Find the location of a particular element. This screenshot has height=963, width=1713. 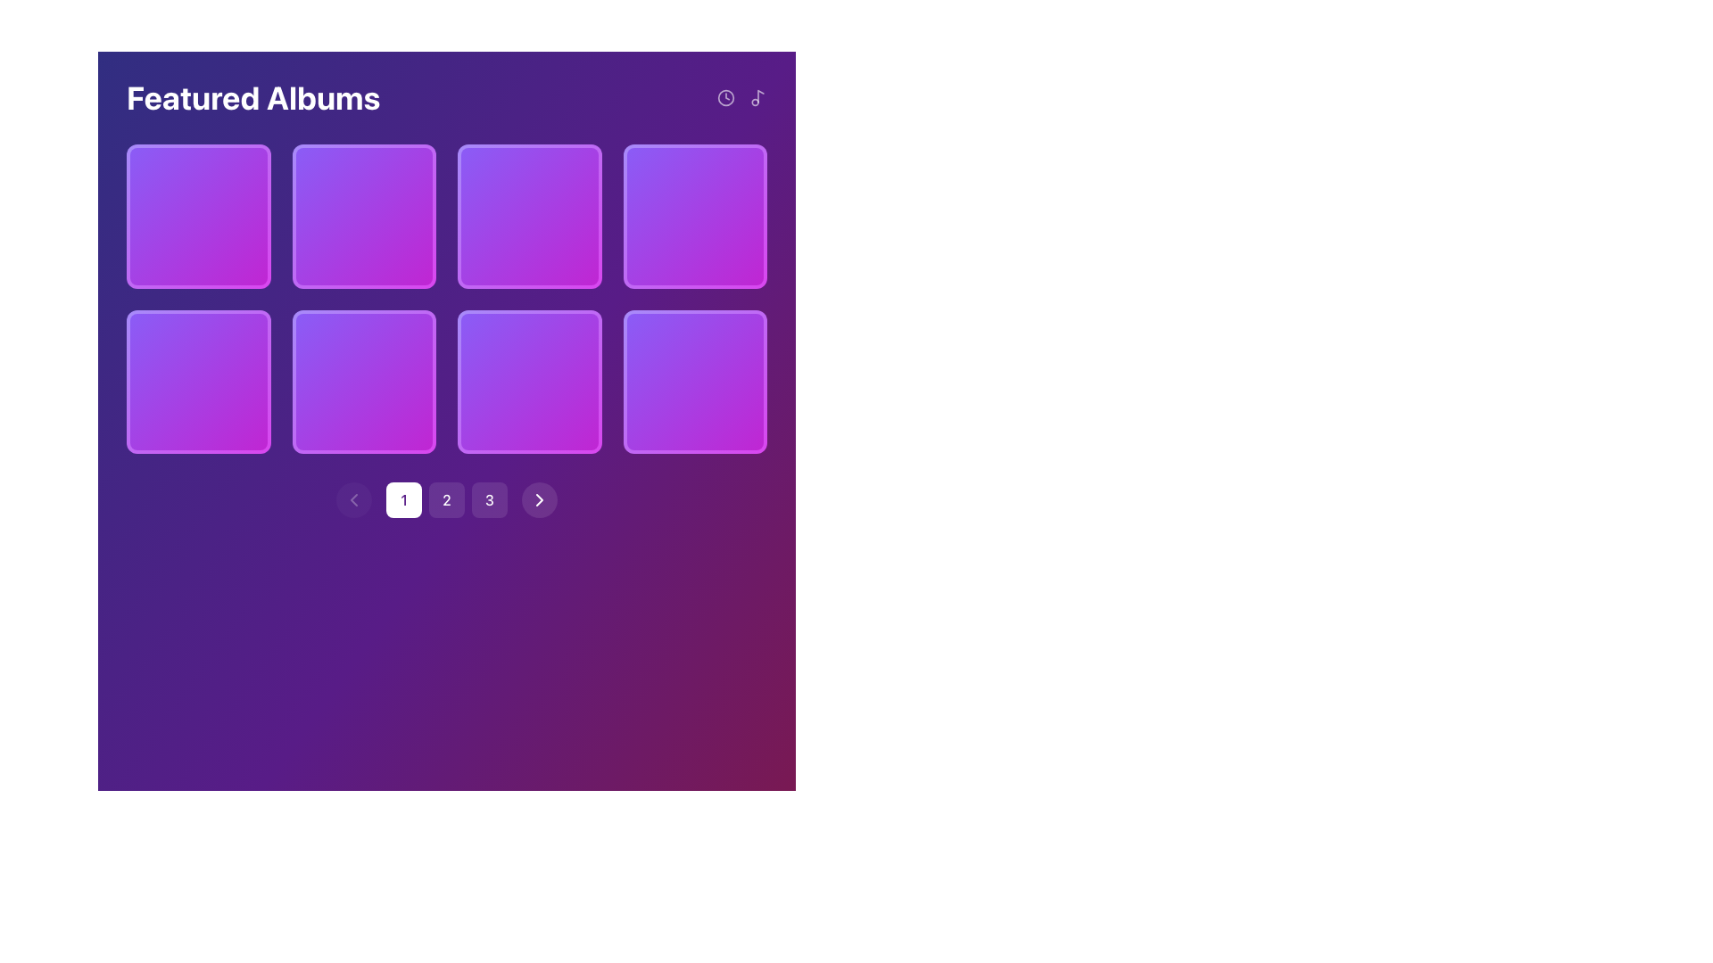

the favorite button located in the top-right corner of the album 'Album 3' by 'Artist 3' is located at coordinates (567, 178).